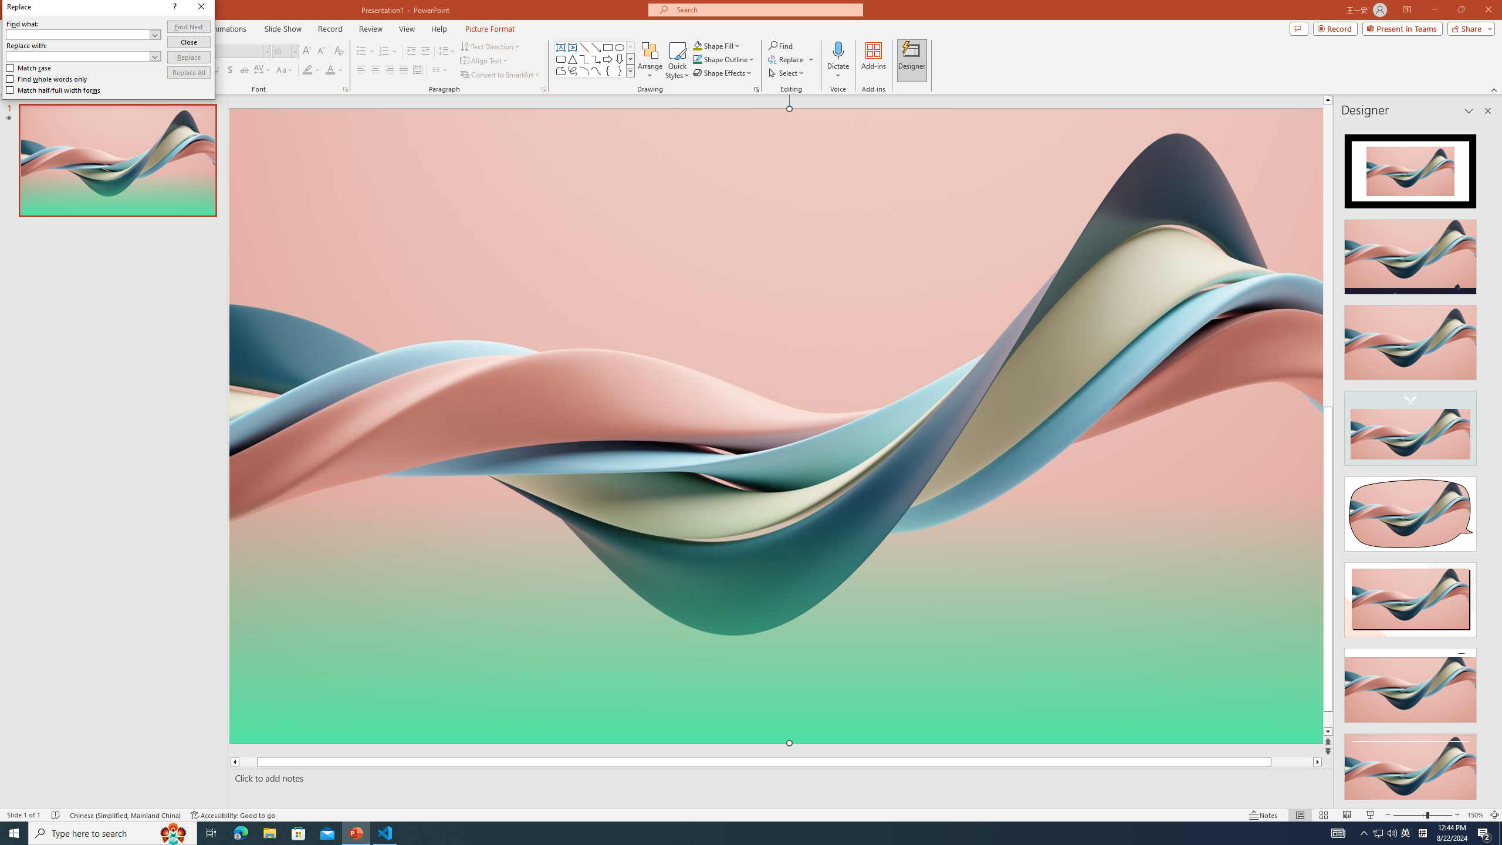  Describe the element at coordinates (778, 778) in the screenshot. I see `'Slide Notes'` at that location.